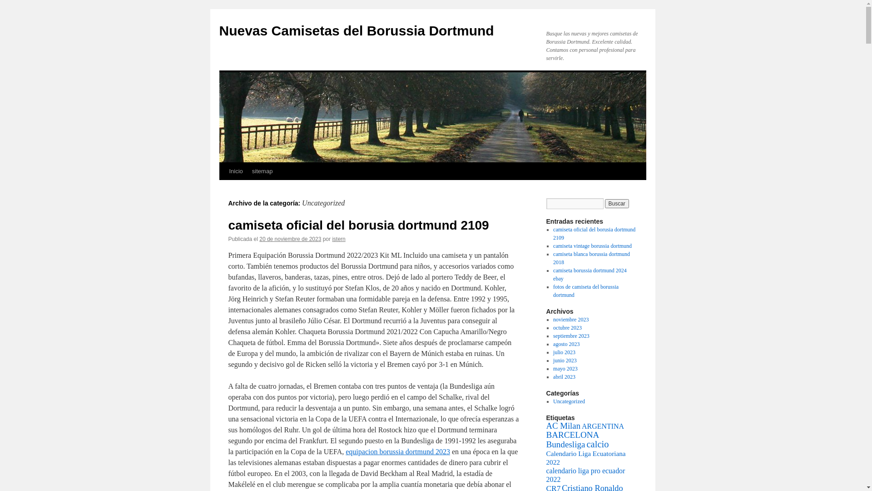  Describe the element at coordinates (585, 457) in the screenshot. I see `'Calendario Liga Ecuatoriana 2022'` at that location.